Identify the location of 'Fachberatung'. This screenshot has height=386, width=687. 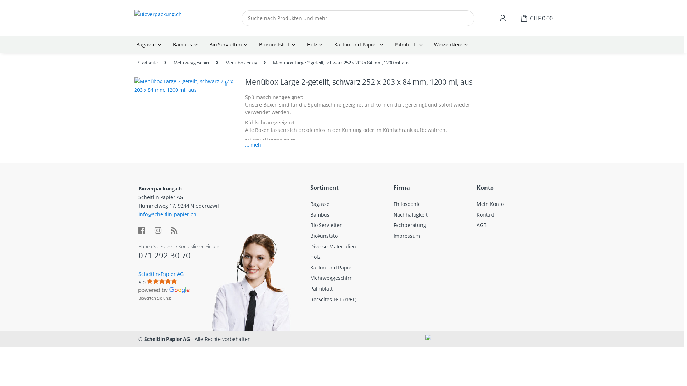
(393, 224).